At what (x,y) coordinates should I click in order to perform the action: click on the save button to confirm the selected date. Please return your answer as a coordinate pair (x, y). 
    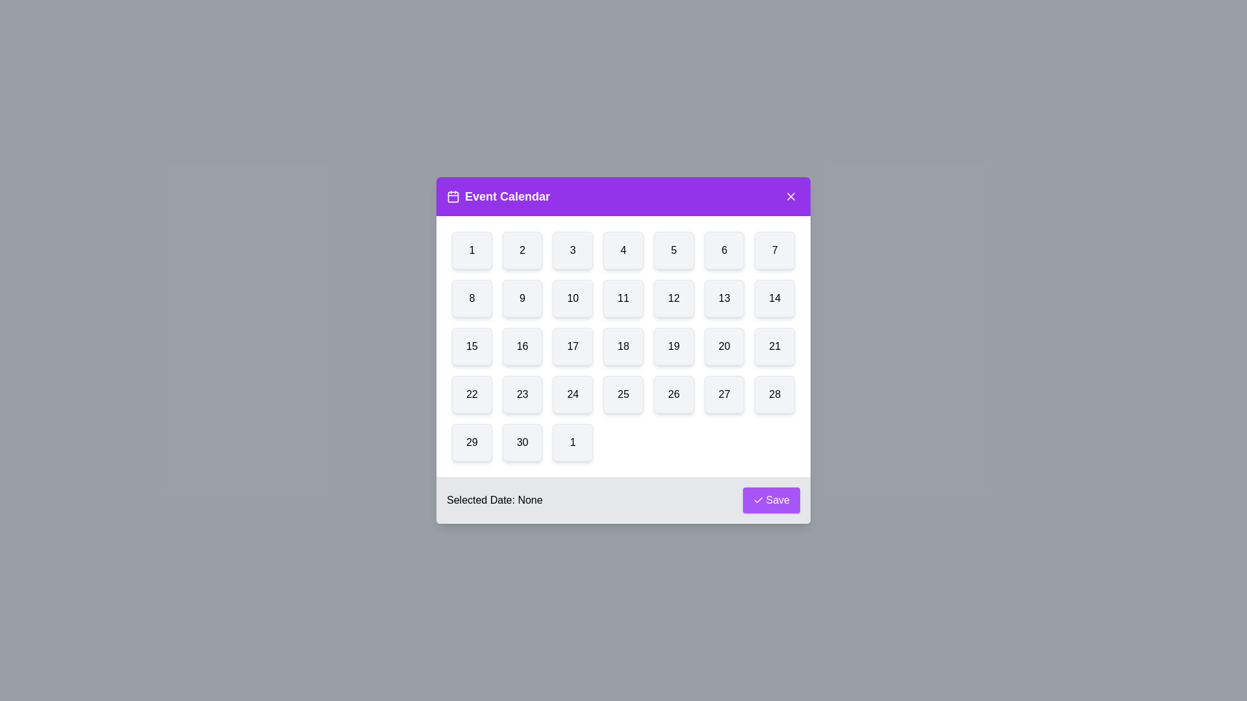
    Looking at the image, I should click on (771, 500).